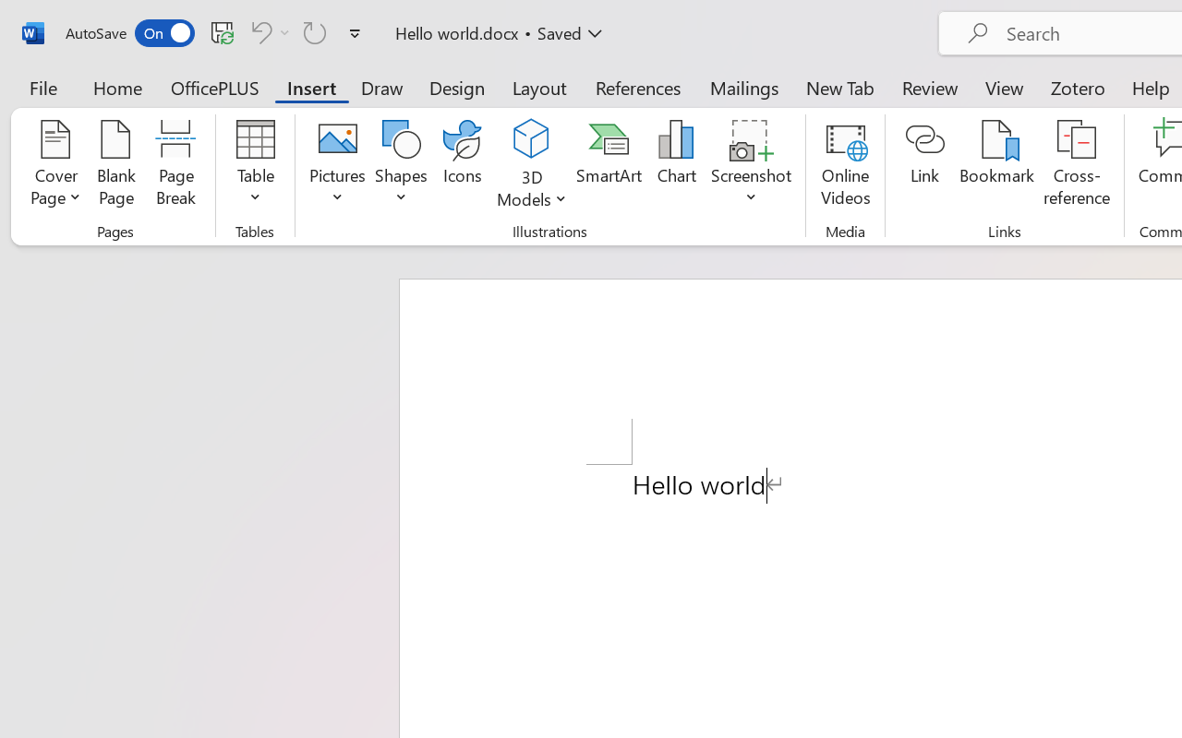 This screenshot has width=1182, height=738. I want to click on 'OfficePLUS', so click(215, 87).